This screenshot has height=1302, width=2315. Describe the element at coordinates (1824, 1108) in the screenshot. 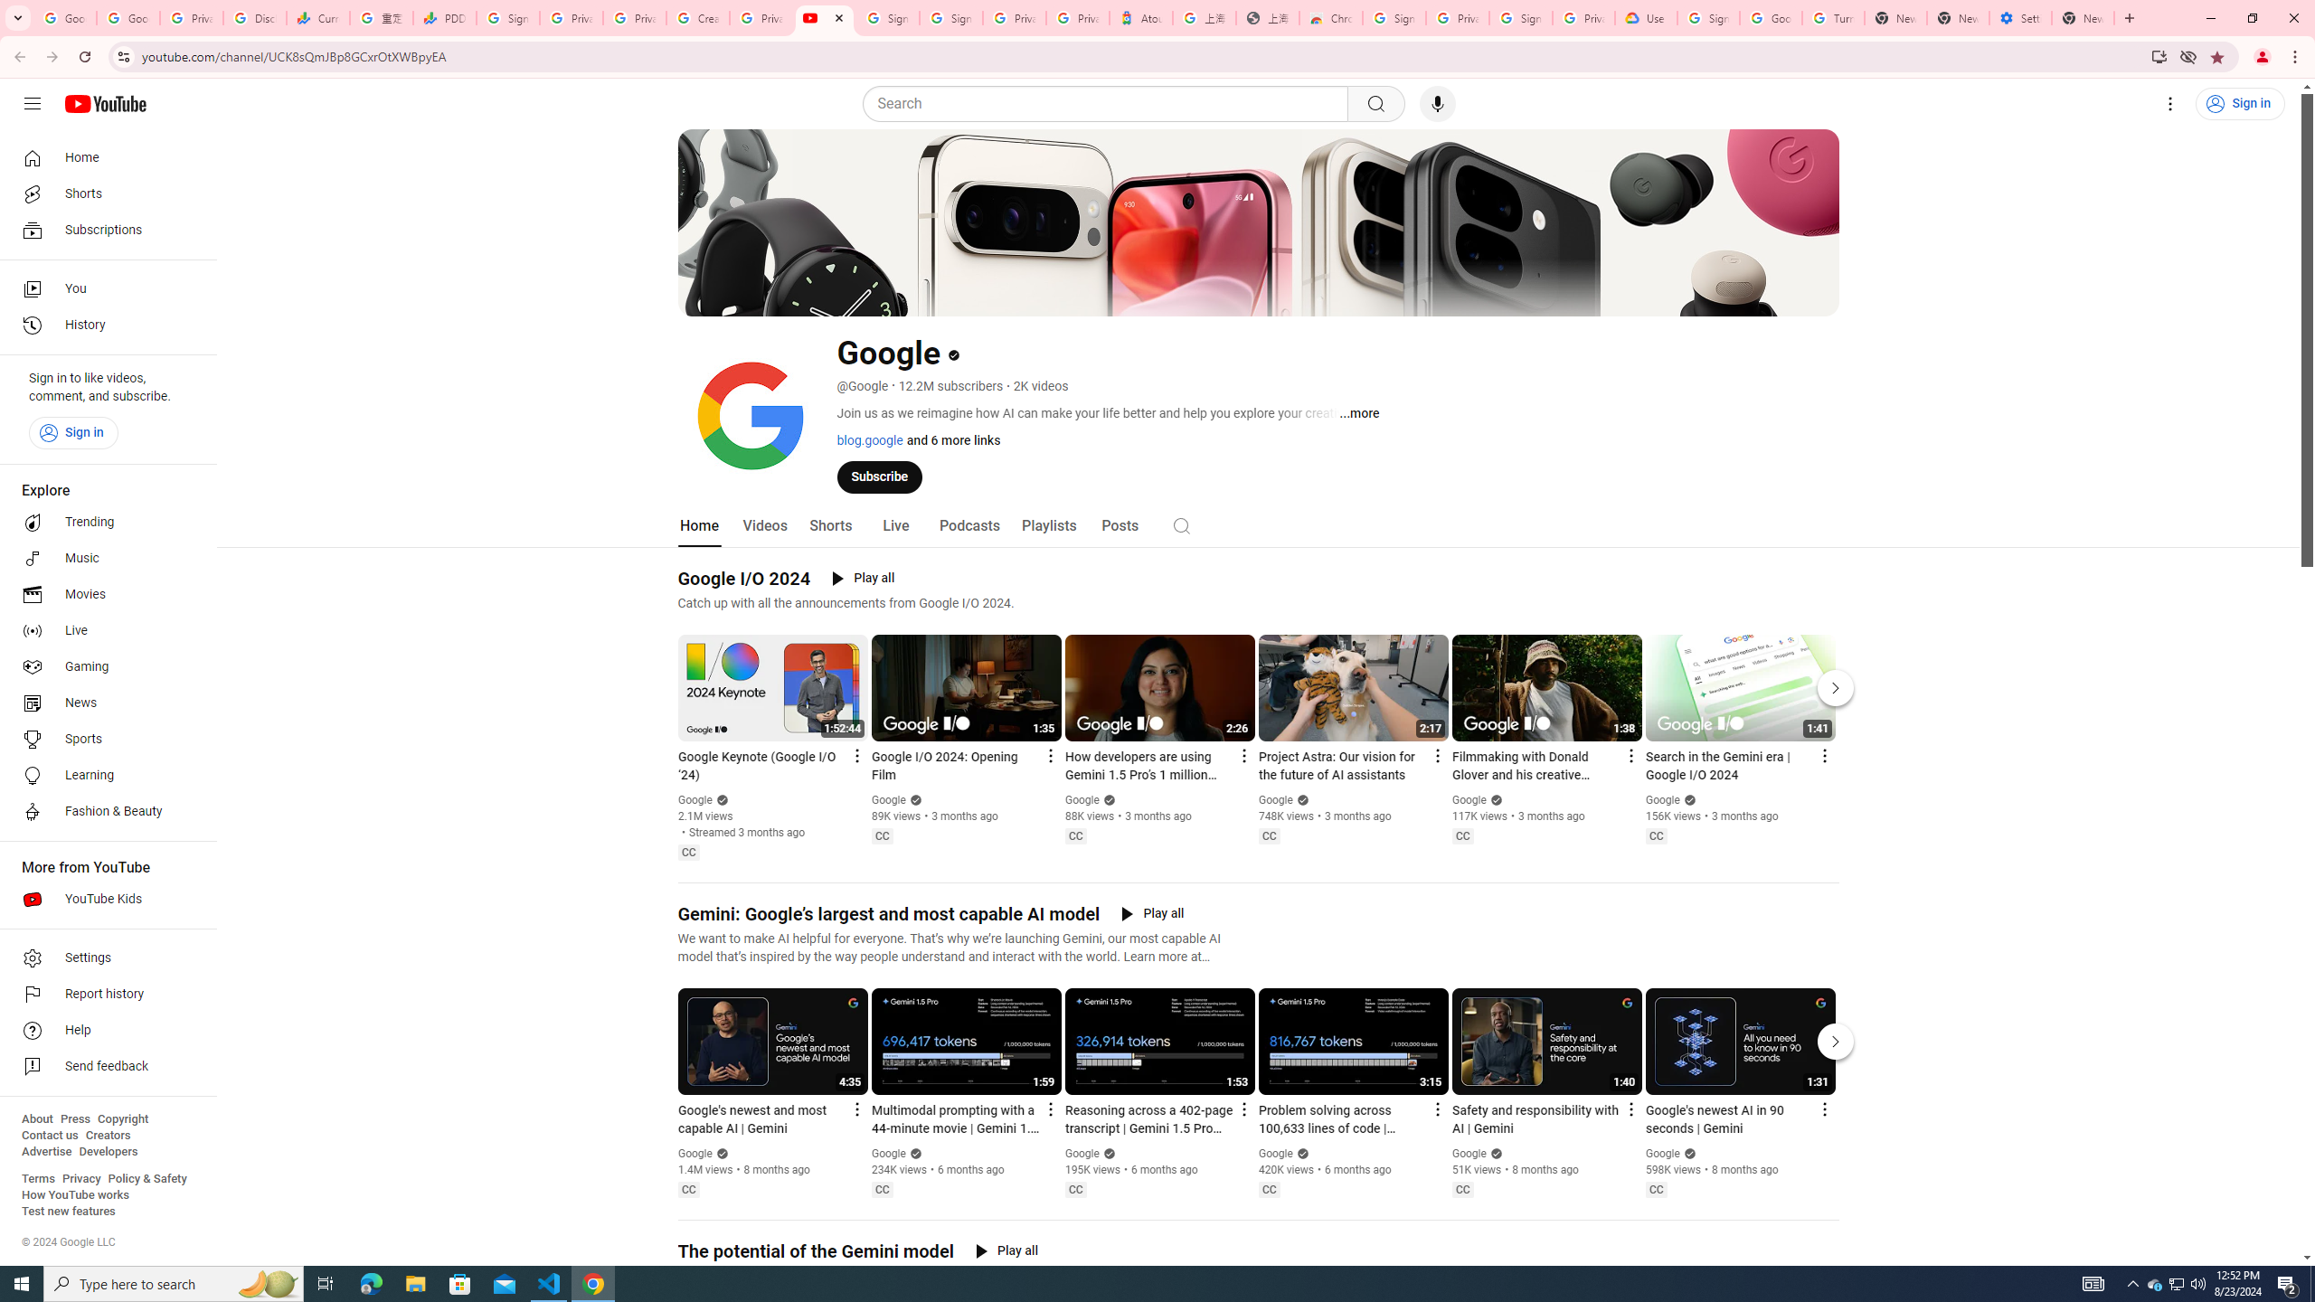

I see `'Action menu'` at that location.